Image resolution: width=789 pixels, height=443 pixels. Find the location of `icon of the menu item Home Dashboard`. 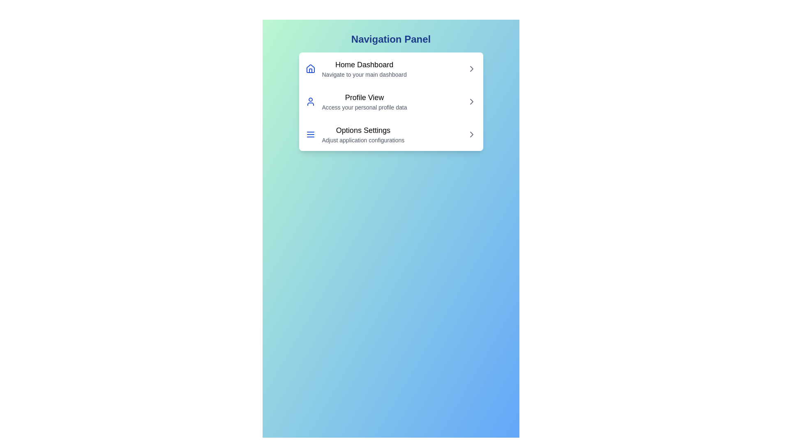

icon of the menu item Home Dashboard is located at coordinates (310, 69).